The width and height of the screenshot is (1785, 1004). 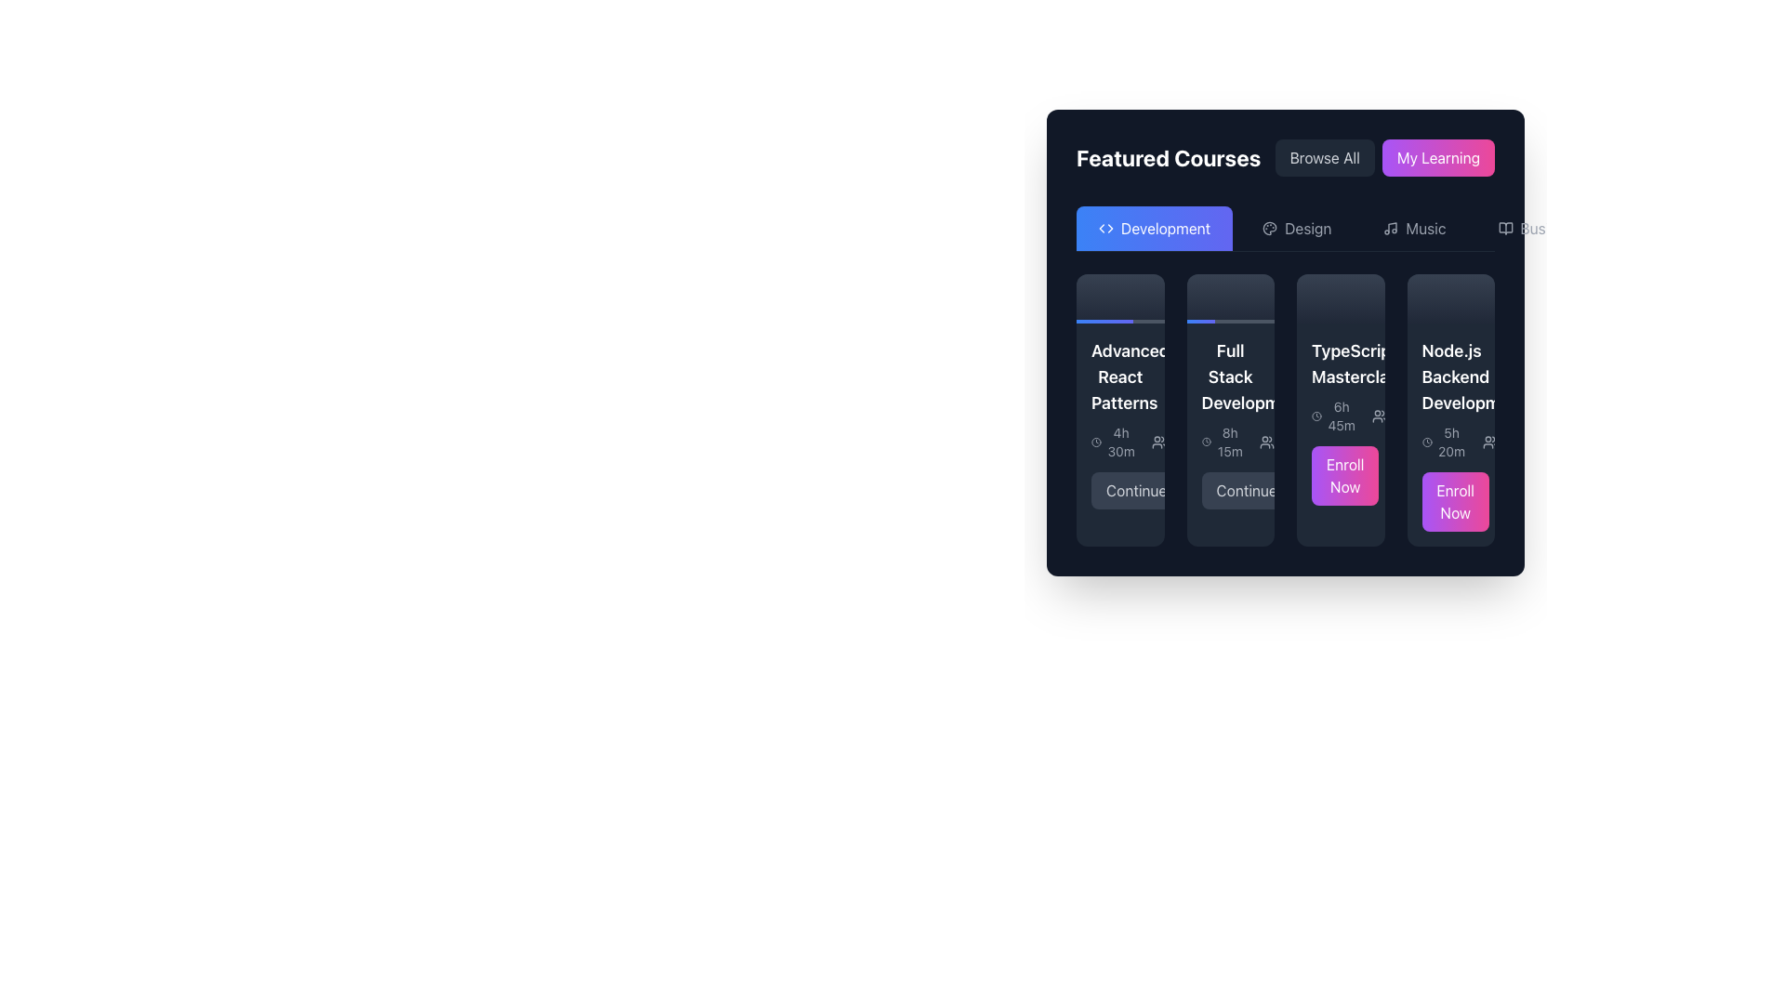 What do you see at coordinates (1449, 409) in the screenshot?
I see `the Course card for the 'Node.js Backend Development' course, located as the fourth card in a horizontal grid layout, to trigger any additional effects or animations` at bounding box center [1449, 409].